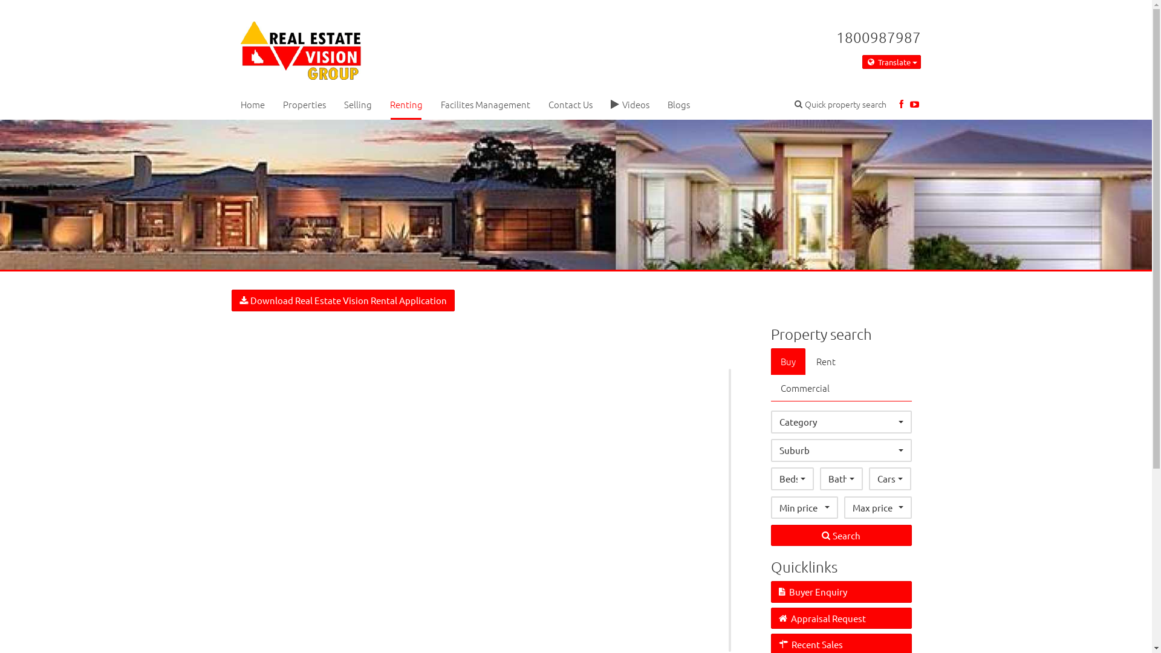 This screenshot has height=653, width=1161. What do you see at coordinates (770, 534) in the screenshot?
I see `'Search'` at bounding box center [770, 534].